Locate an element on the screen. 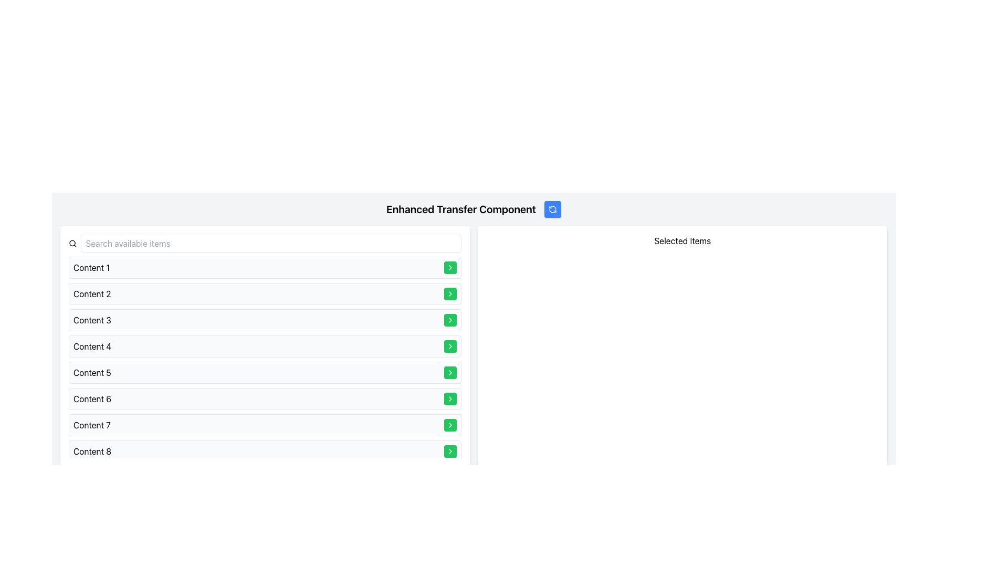 The width and height of the screenshot is (1008, 567). the arrow icon located within the green button for navigating or moving items, positioned in the same row as 'Content 8' in the left panel is located at coordinates (450, 346).